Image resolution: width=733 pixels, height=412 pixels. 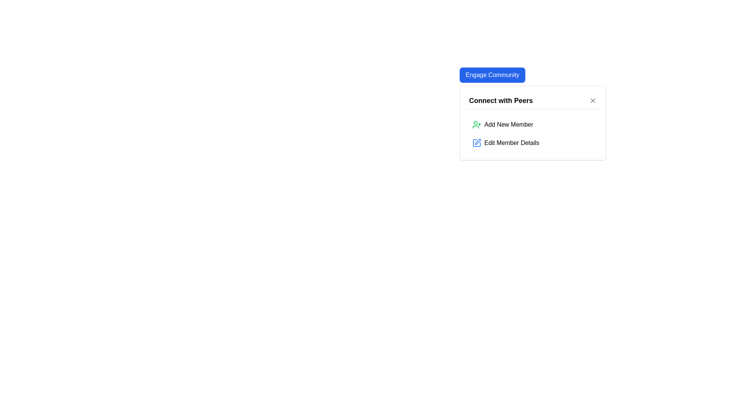 What do you see at coordinates (592, 100) in the screenshot?
I see `the close or cancel button represented by a small X-shaped icon located in the top-right corner of the 'Connect with Peers' section` at bounding box center [592, 100].